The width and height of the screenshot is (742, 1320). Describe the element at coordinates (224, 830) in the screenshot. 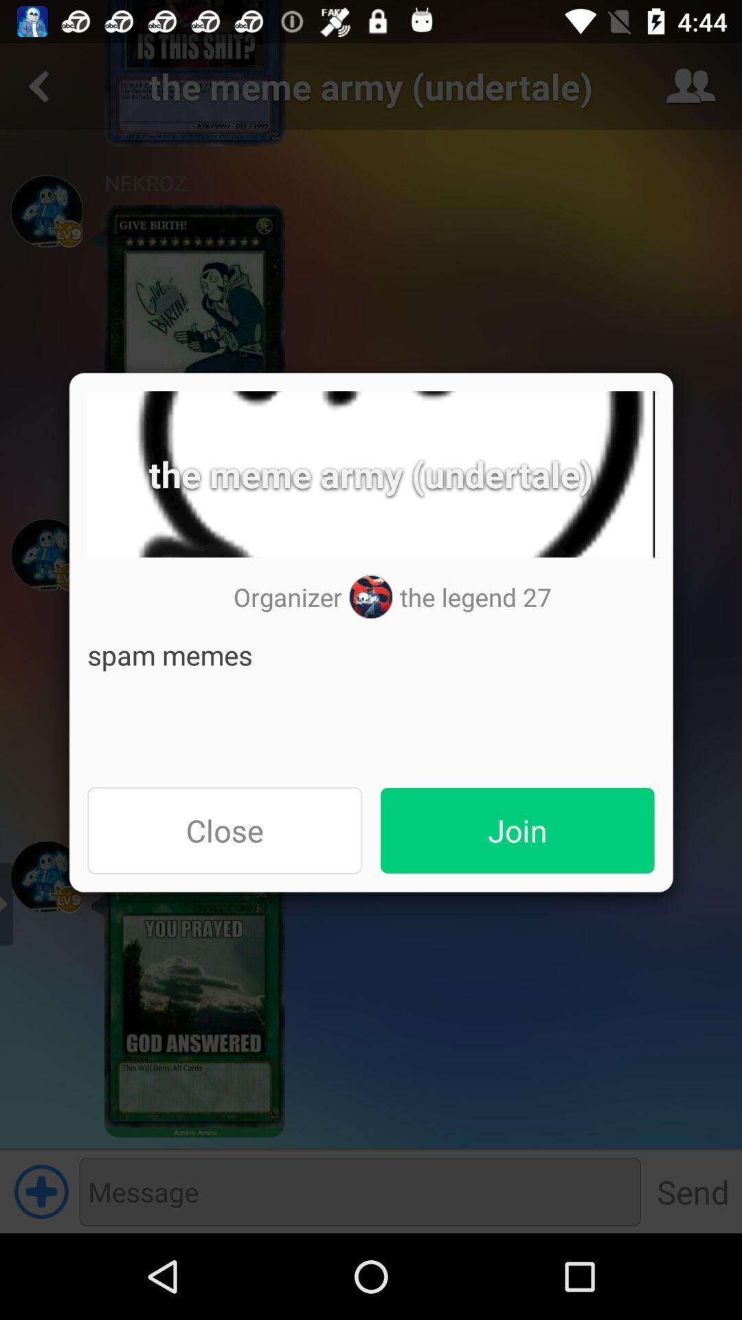

I see `icon on the left` at that location.